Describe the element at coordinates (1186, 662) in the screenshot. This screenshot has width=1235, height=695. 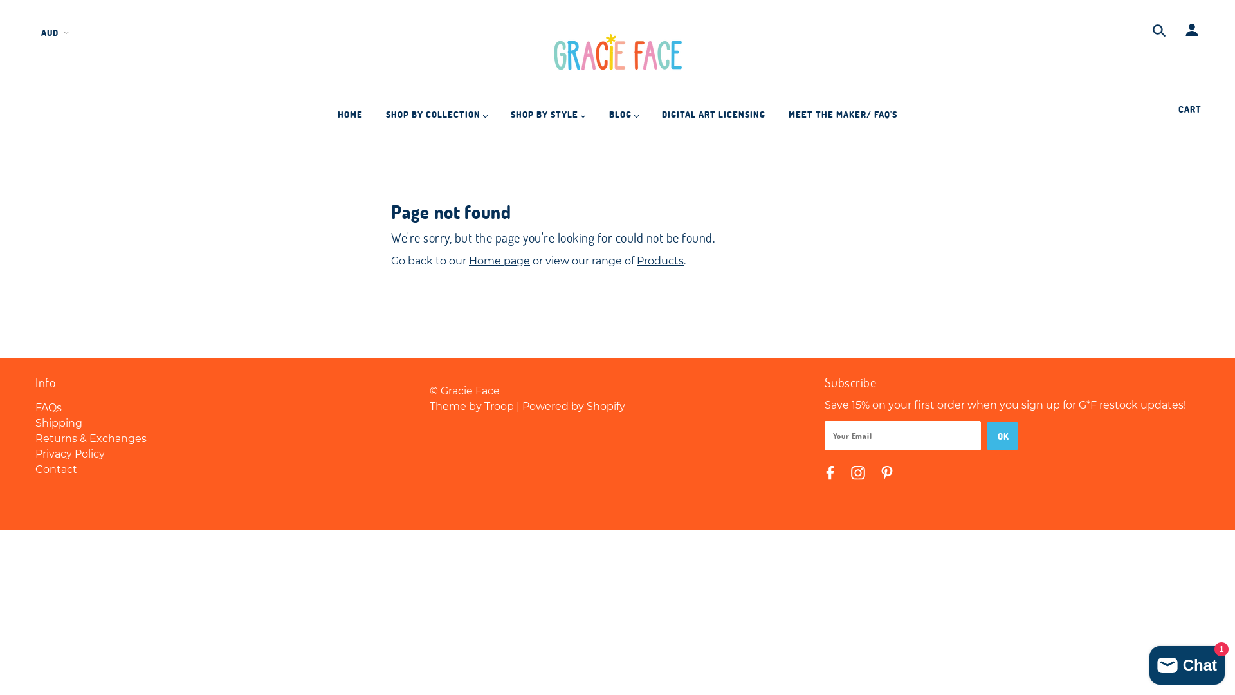
I see `'Shopify online store chat'` at that location.